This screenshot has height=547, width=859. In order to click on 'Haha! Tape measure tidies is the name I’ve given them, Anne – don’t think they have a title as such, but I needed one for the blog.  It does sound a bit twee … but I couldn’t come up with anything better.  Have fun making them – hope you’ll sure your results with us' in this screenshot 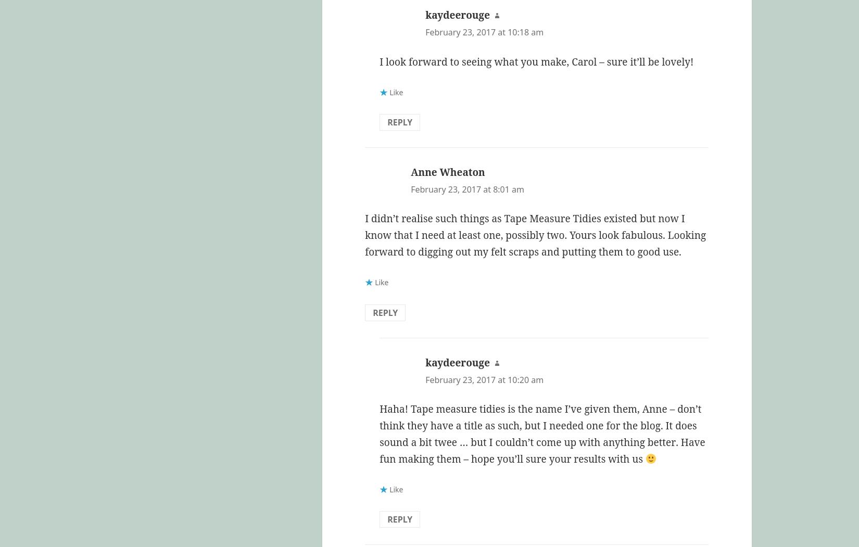, I will do `click(542, 434)`.